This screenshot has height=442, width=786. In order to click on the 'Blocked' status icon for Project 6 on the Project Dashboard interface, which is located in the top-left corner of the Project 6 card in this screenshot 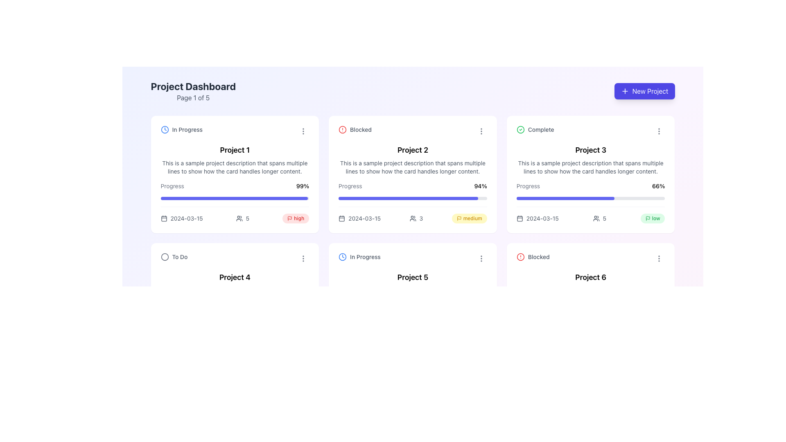, I will do `click(520, 257)`.